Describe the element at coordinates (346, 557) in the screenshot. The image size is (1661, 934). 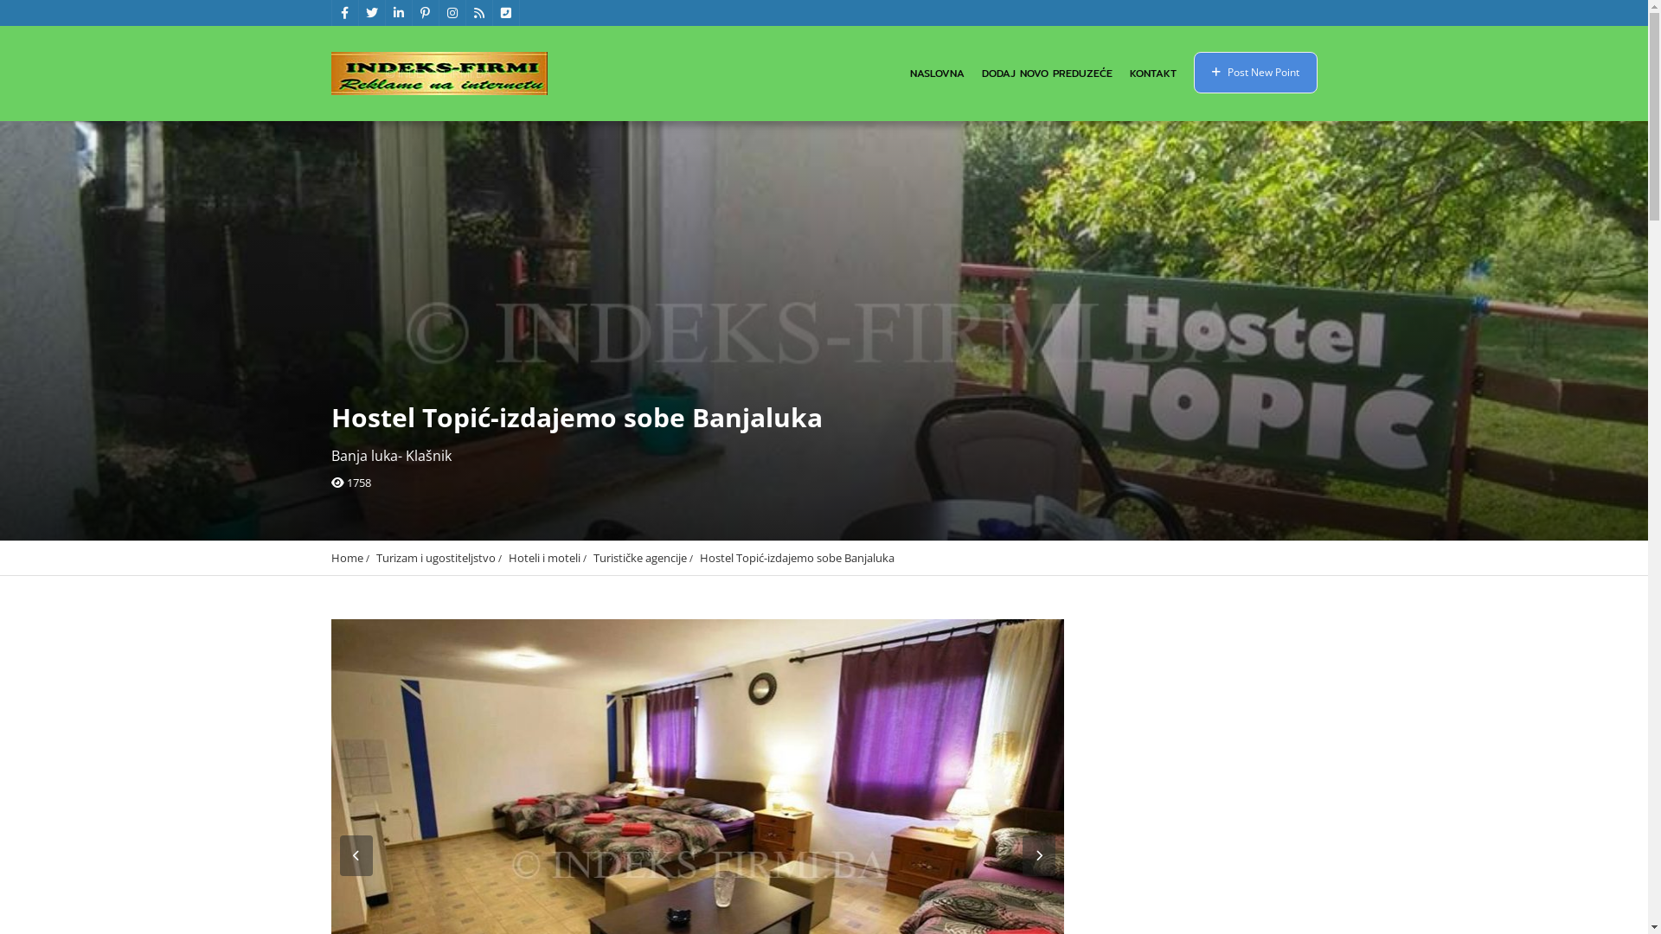
I see `'Home'` at that location.